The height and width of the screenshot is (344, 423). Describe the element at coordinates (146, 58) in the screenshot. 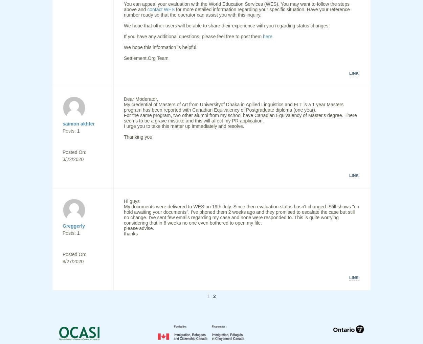

I see `'Settlement.Org Team'` at that location.